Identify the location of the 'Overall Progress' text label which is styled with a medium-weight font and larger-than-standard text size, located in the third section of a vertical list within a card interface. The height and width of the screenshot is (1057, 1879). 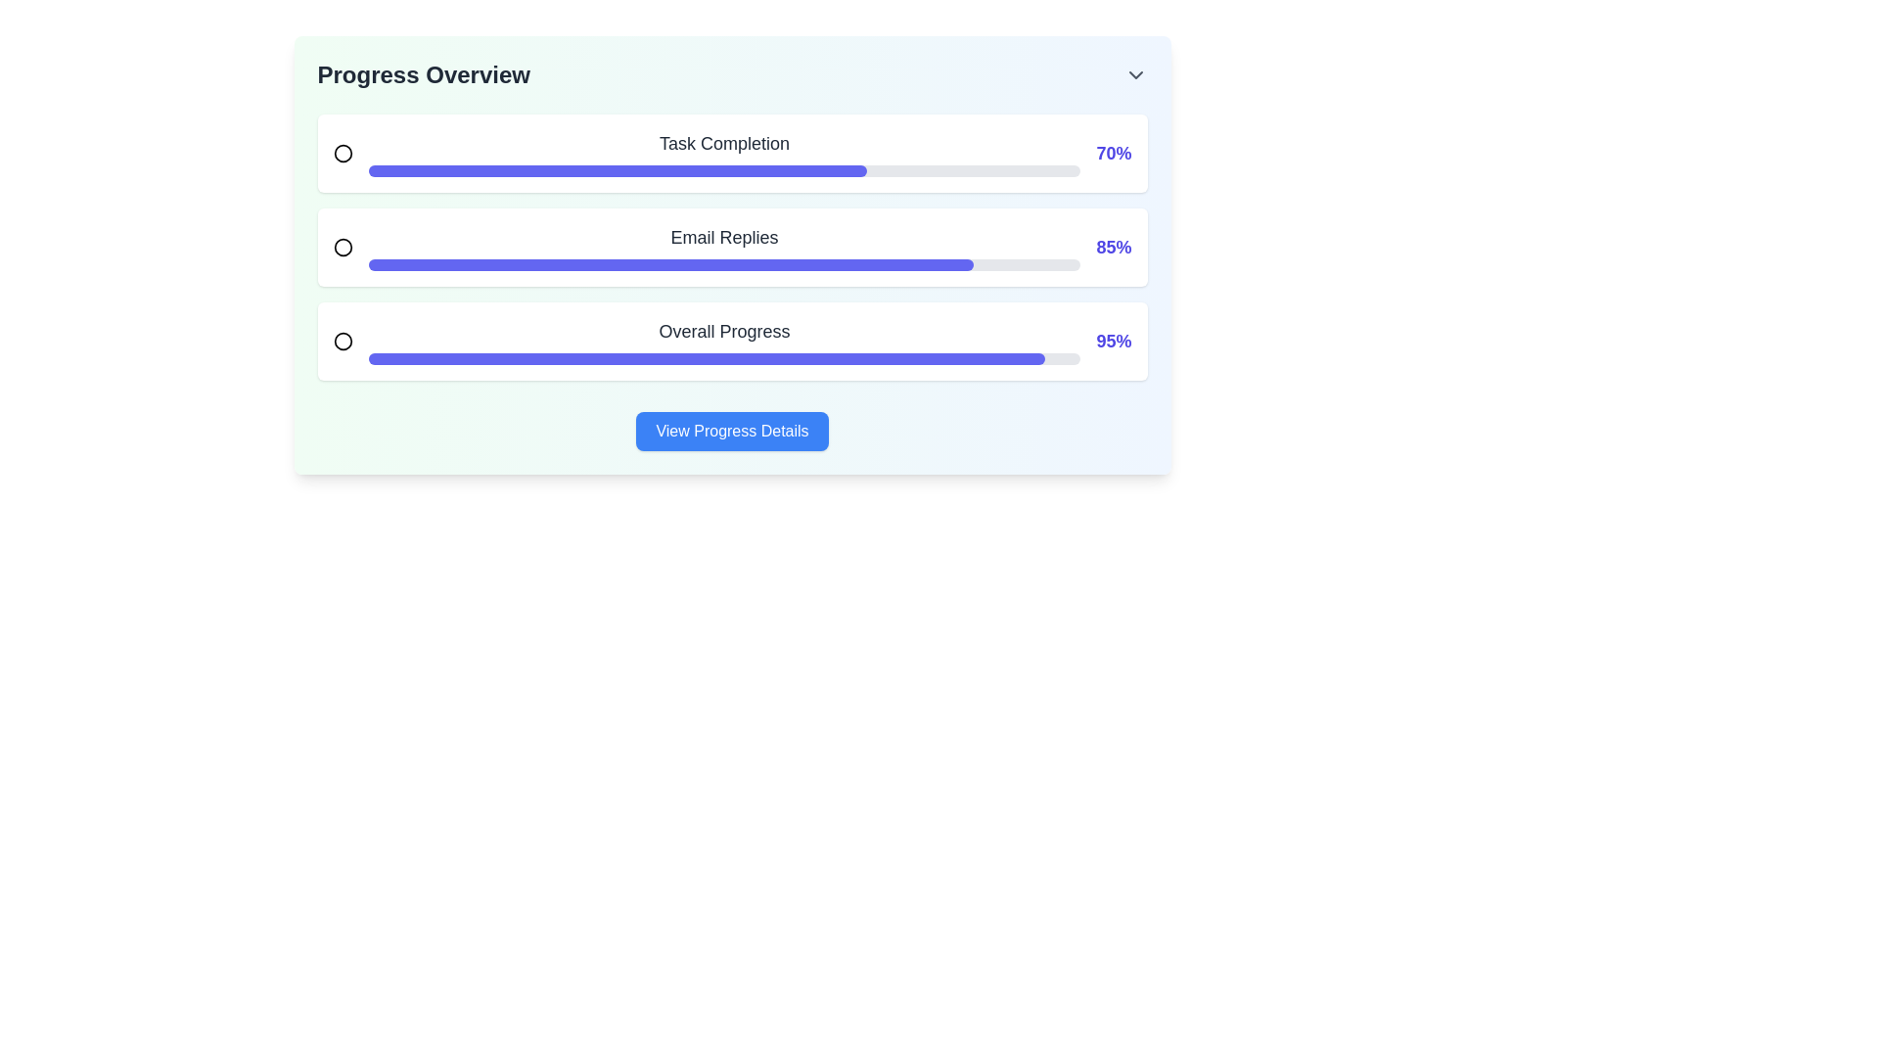
(723, 331).